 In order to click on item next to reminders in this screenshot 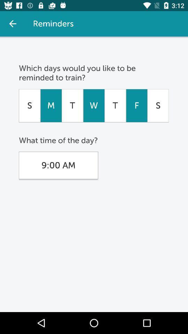, I will do `click(13, 24)`.